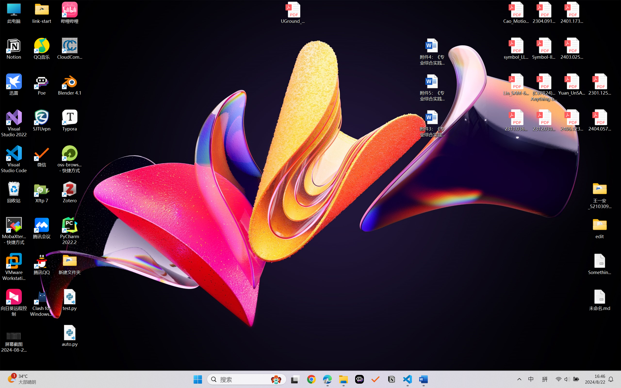 The image size is (621, 388). Describe the element at coordinates (42, 192) in the screenshot. I see `'Xftp 7'` at that location.